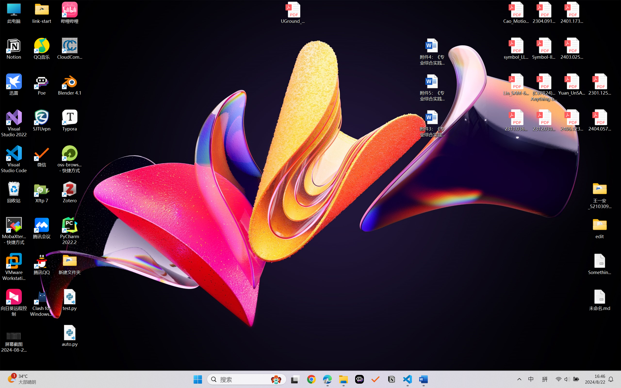 The image size is (621, 388). Describe the element at coordinates (42, 192) in the screenshot. I see `'Xftp 7'` at that location.